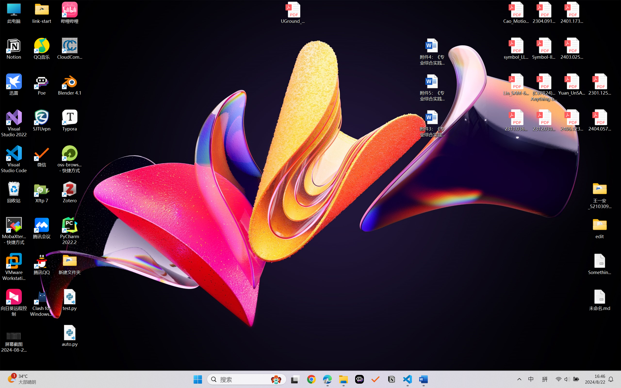 The image size is (621, 388). Describe the element at coordinates (42, 192) in the screenshot. I see `'Xftp 7'` at that location.